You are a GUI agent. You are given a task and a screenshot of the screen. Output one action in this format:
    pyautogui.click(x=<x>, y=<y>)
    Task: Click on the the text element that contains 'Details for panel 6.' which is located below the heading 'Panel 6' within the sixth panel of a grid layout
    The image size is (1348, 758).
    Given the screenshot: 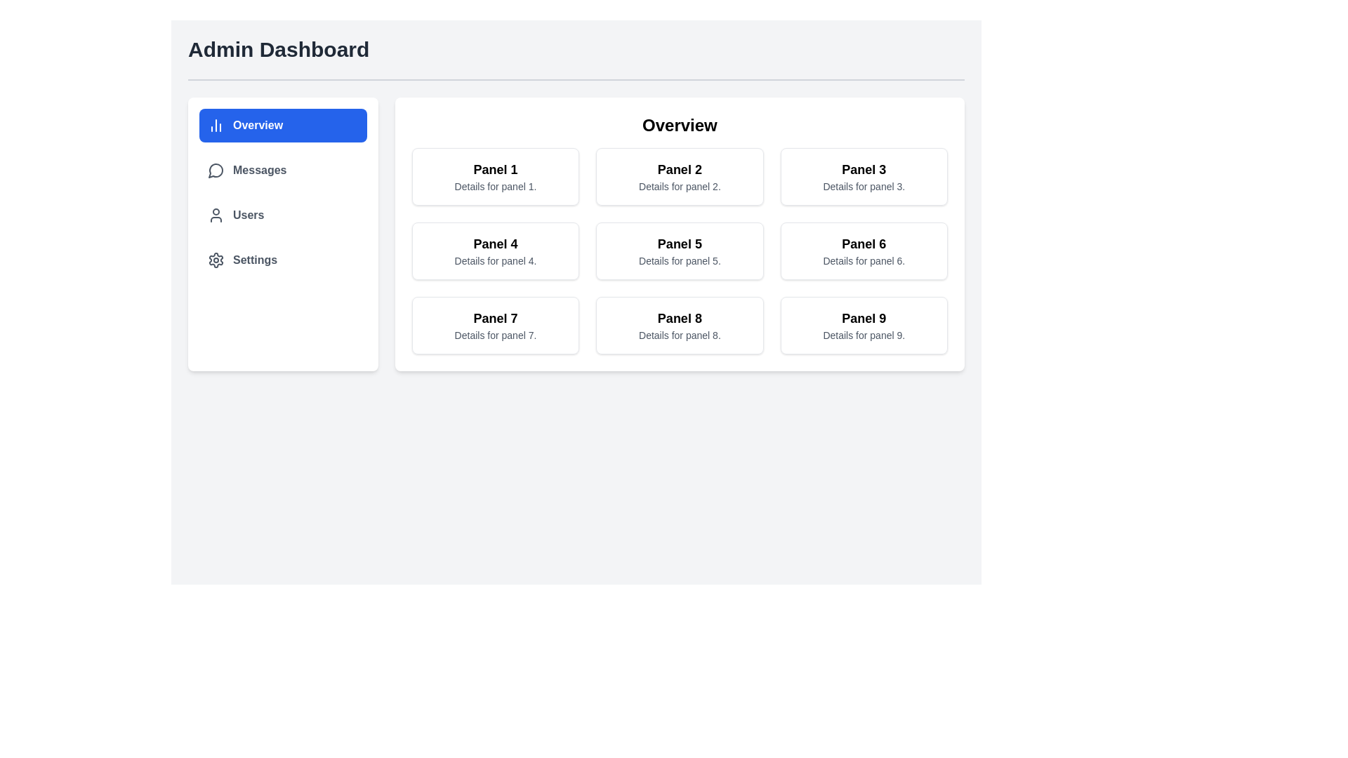 What is the action you would take?
    pyautogui.click(x=863, y=260)
    